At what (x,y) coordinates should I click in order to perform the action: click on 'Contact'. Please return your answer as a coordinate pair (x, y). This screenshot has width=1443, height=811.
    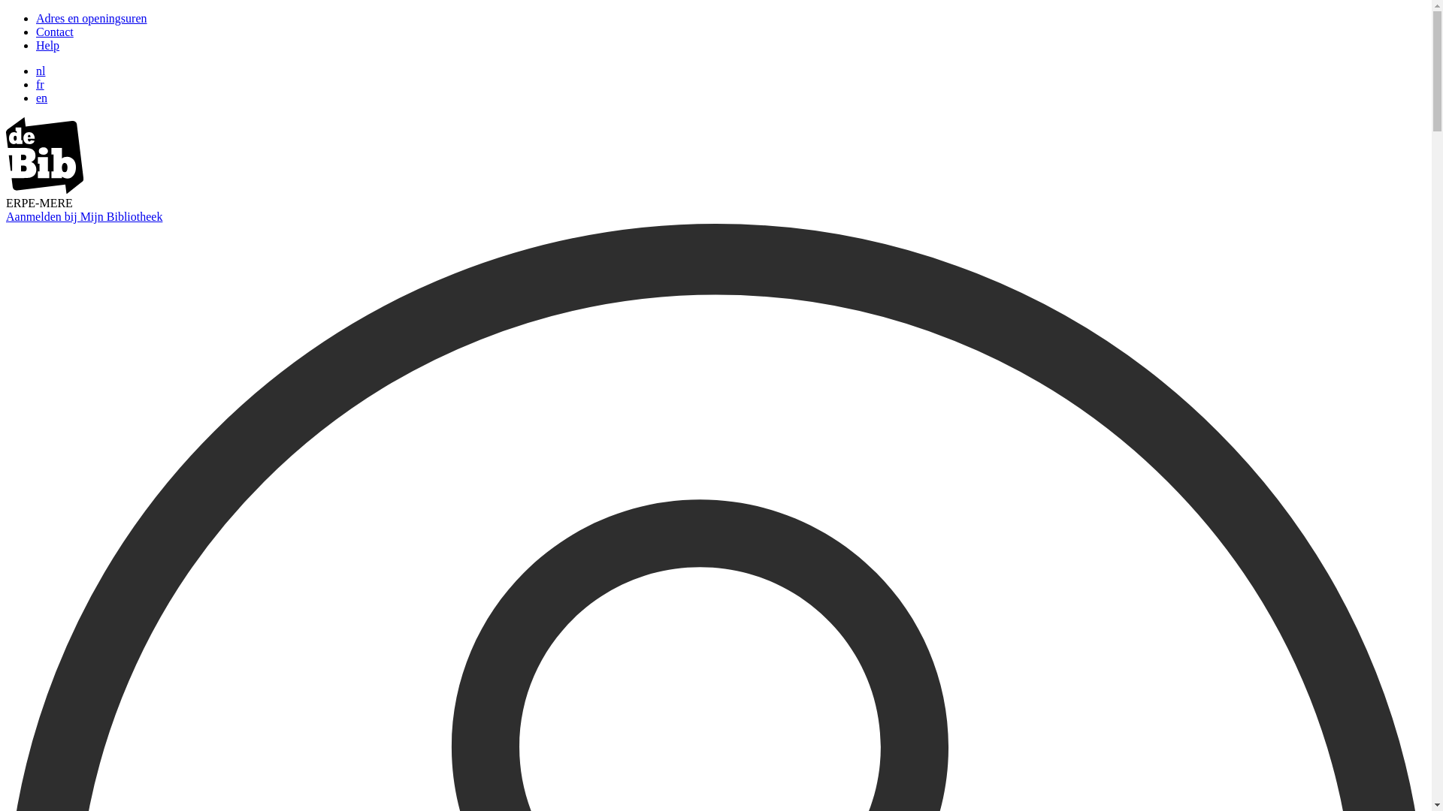
    Looking at the image, I should click on (54, 32).